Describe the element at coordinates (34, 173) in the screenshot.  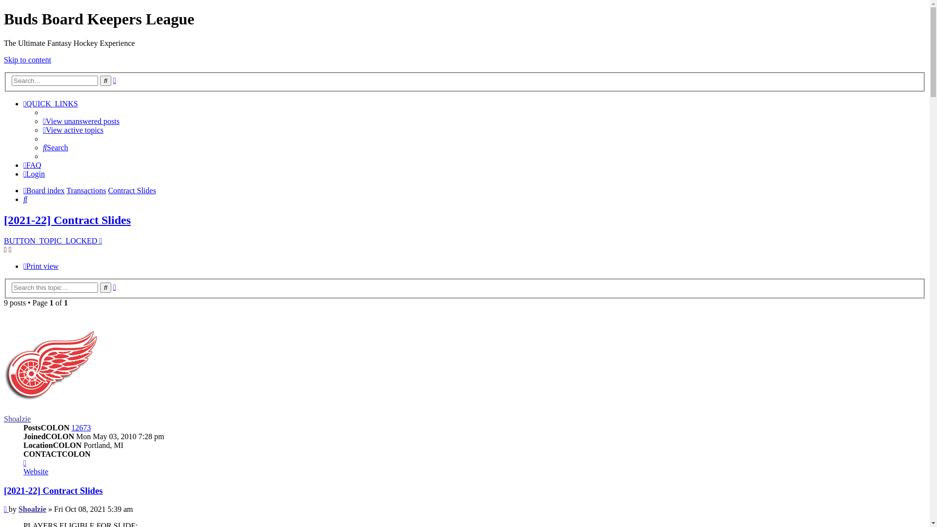
I see `'Login'` at that location.